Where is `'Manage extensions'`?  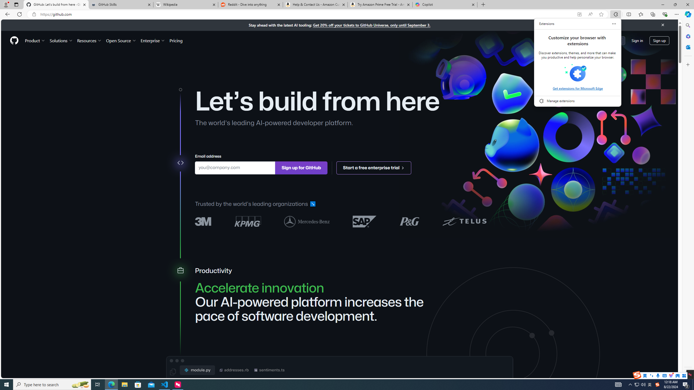 'Manage extensions' is located at coordinates (578, 100).